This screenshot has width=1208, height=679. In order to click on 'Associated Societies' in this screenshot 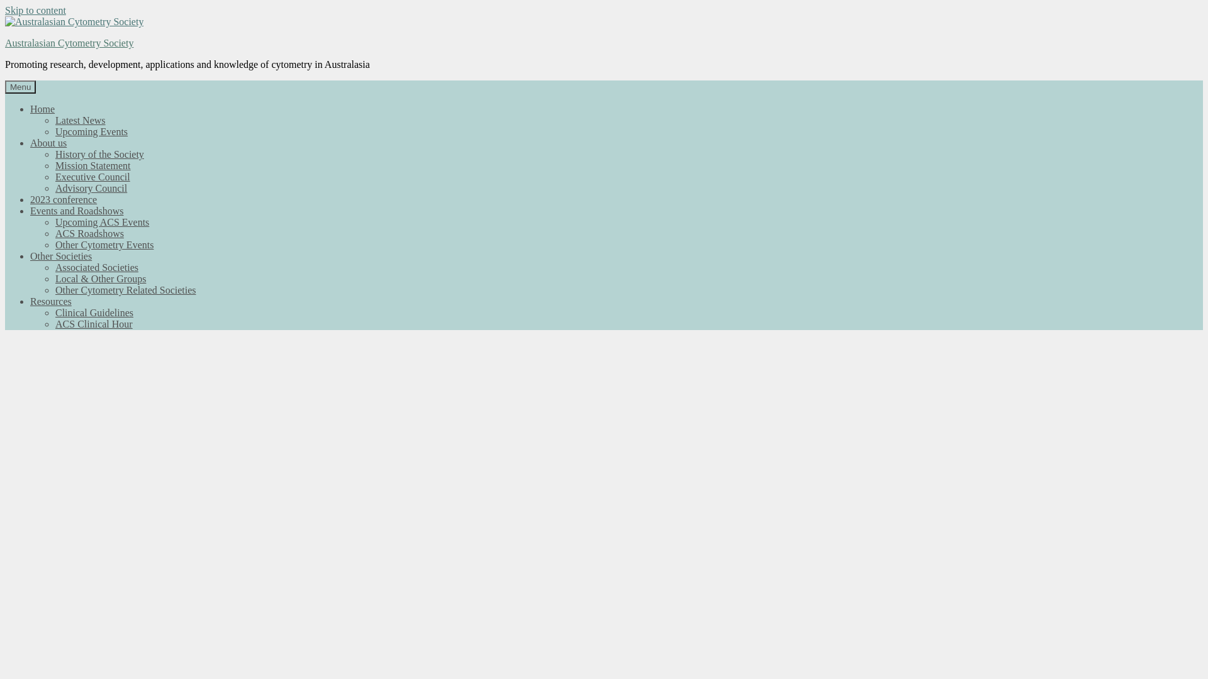, I will do `click(54, 267)`.